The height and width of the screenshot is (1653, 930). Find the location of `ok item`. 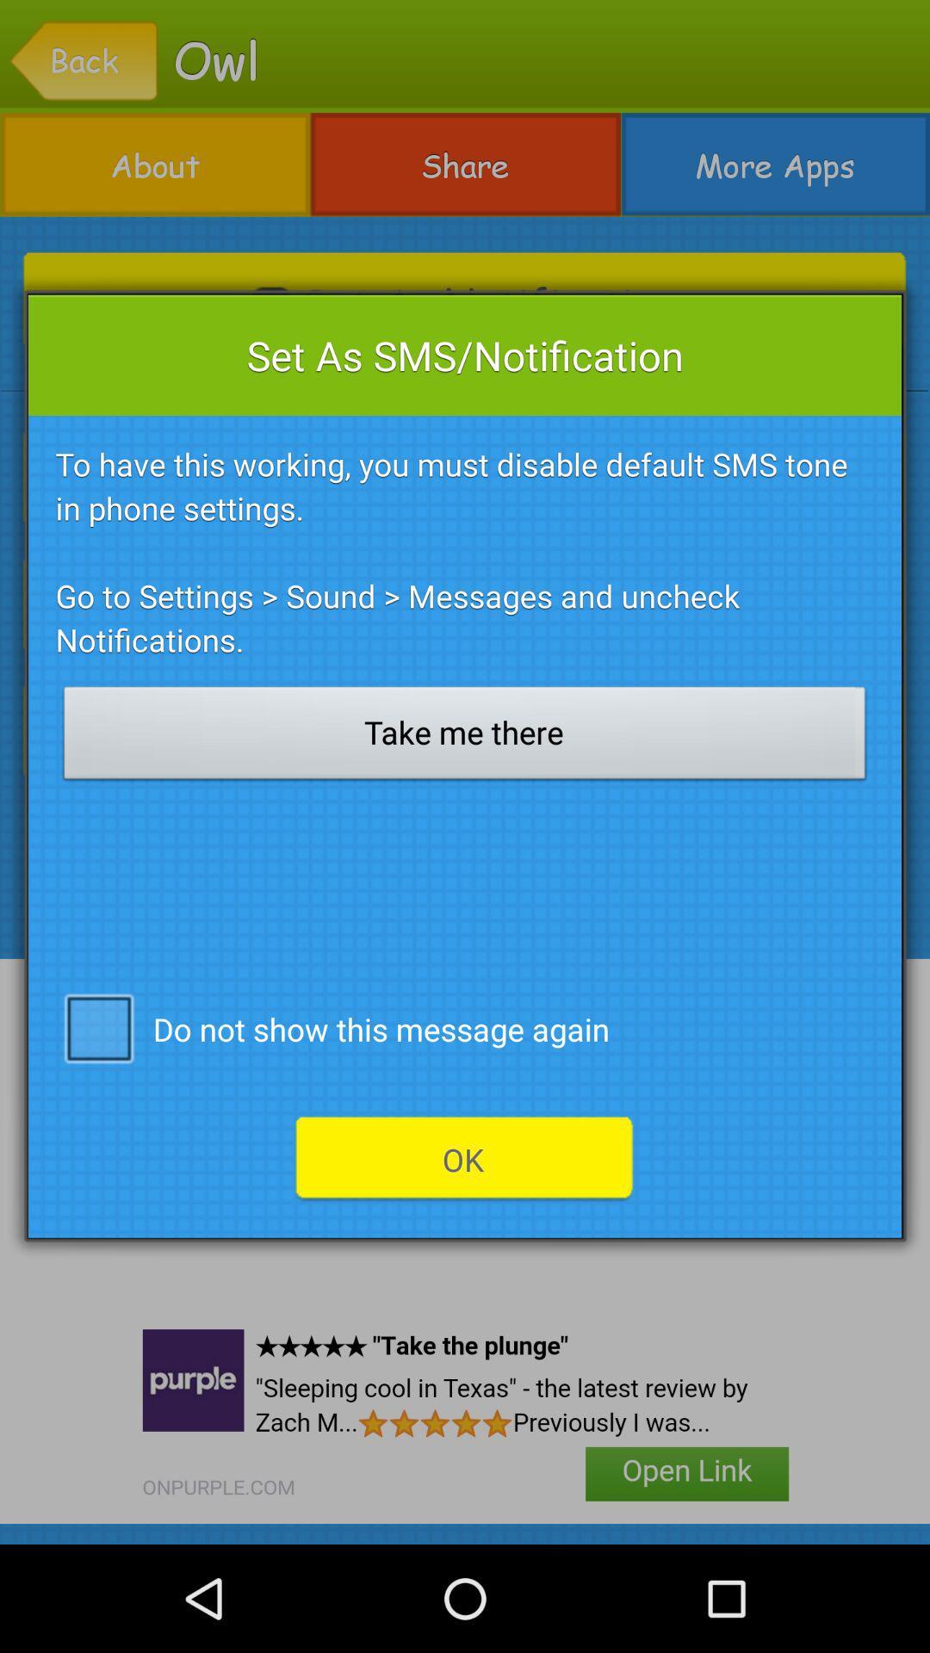

ok item is located at coordinates (463, 1160).